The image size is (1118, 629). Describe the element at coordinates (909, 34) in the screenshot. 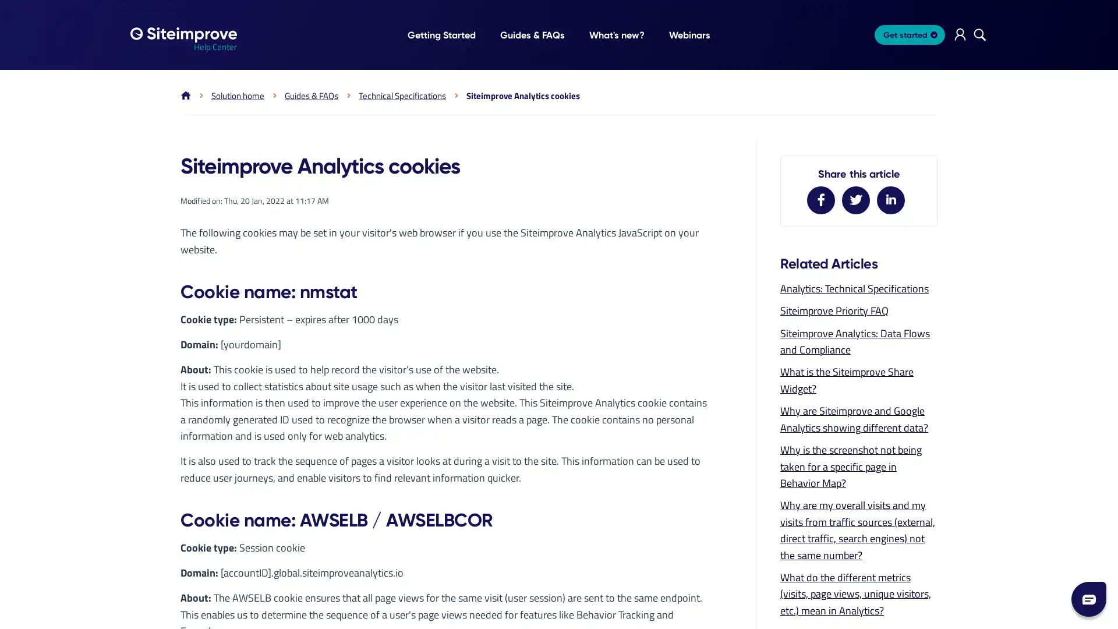

I see `Get started` at that location.